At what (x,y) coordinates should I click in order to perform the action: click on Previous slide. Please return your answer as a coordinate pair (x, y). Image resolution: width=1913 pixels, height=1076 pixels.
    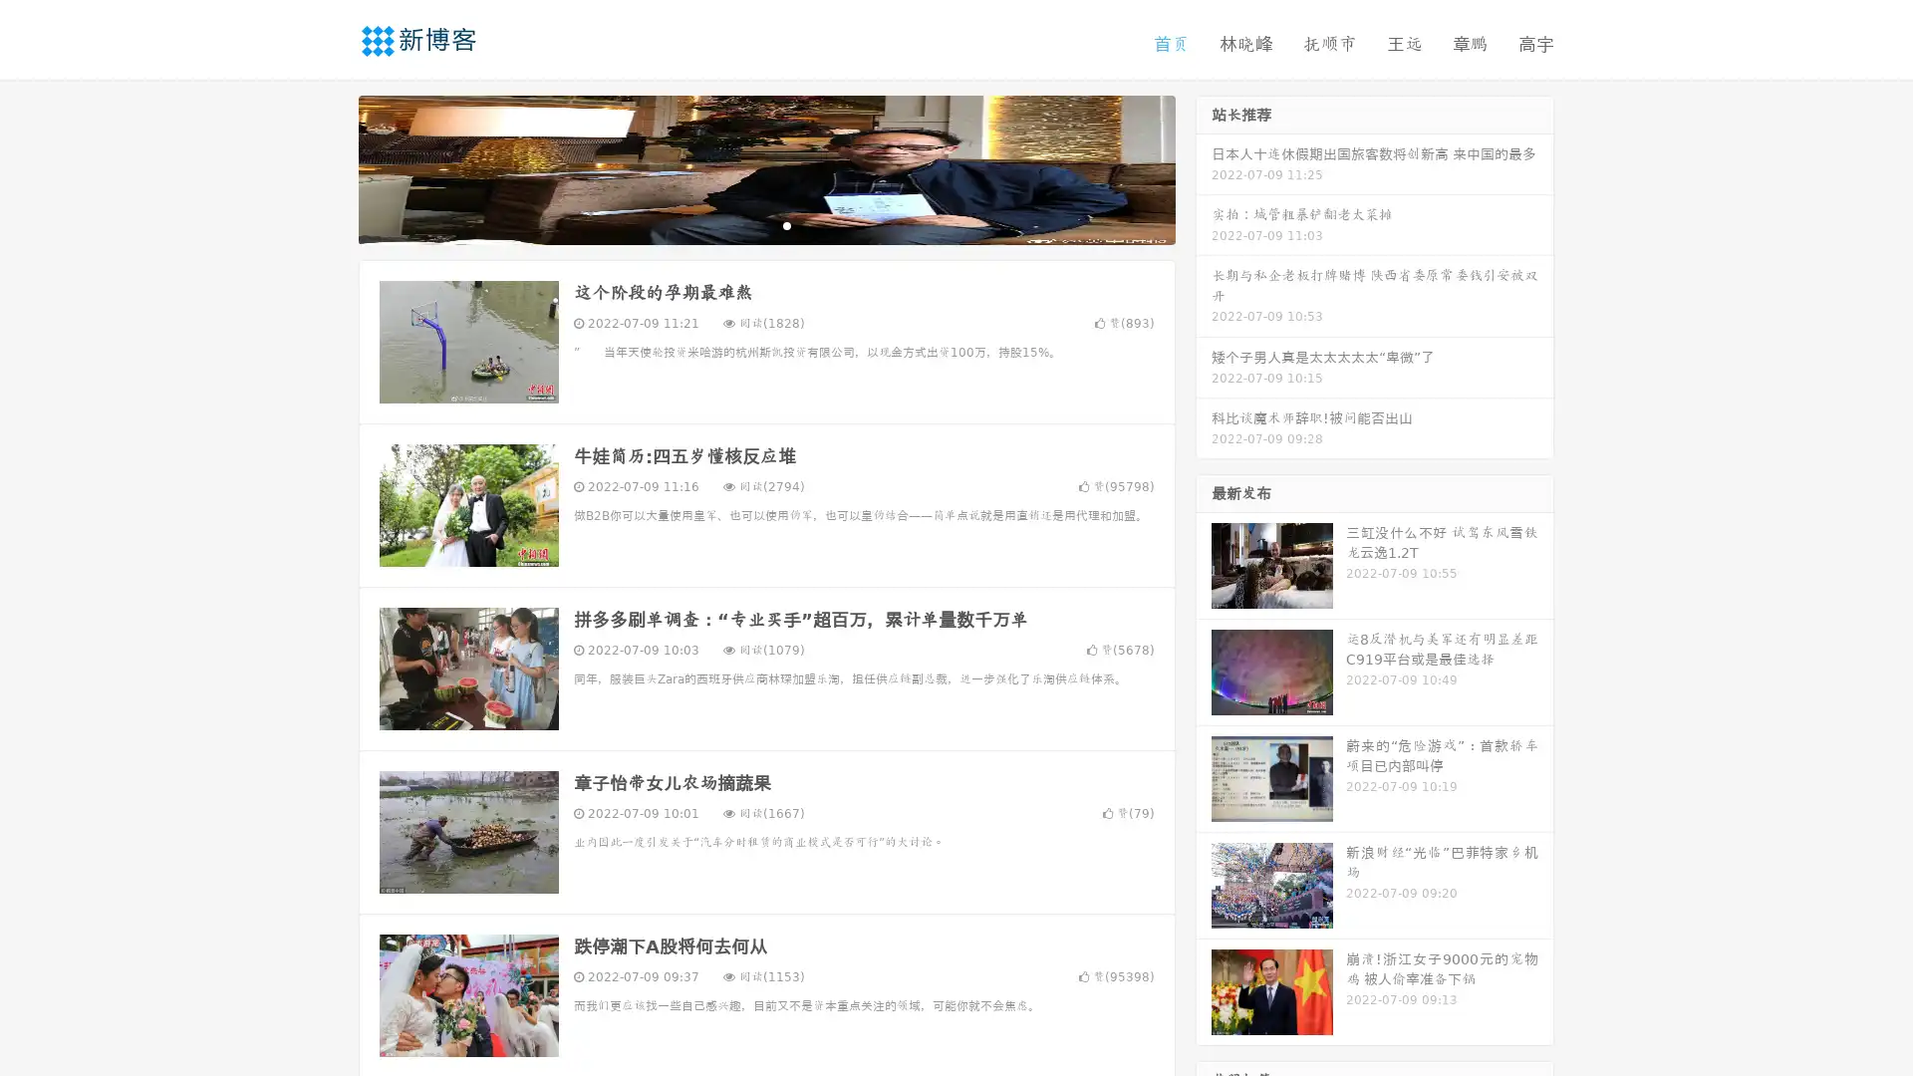
    Looking at the image, I should click on (329, 167).